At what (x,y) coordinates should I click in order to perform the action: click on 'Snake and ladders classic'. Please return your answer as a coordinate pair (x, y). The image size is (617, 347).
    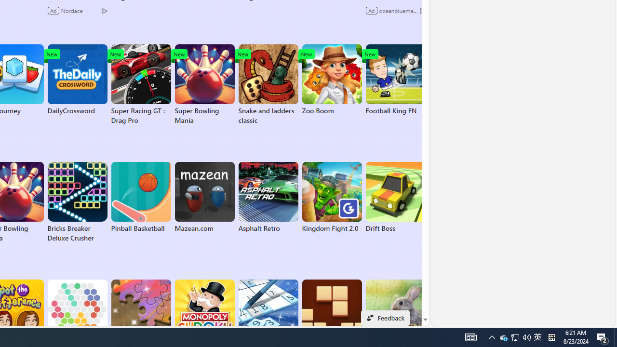
    Looking at the image, I should click on (268, 84).